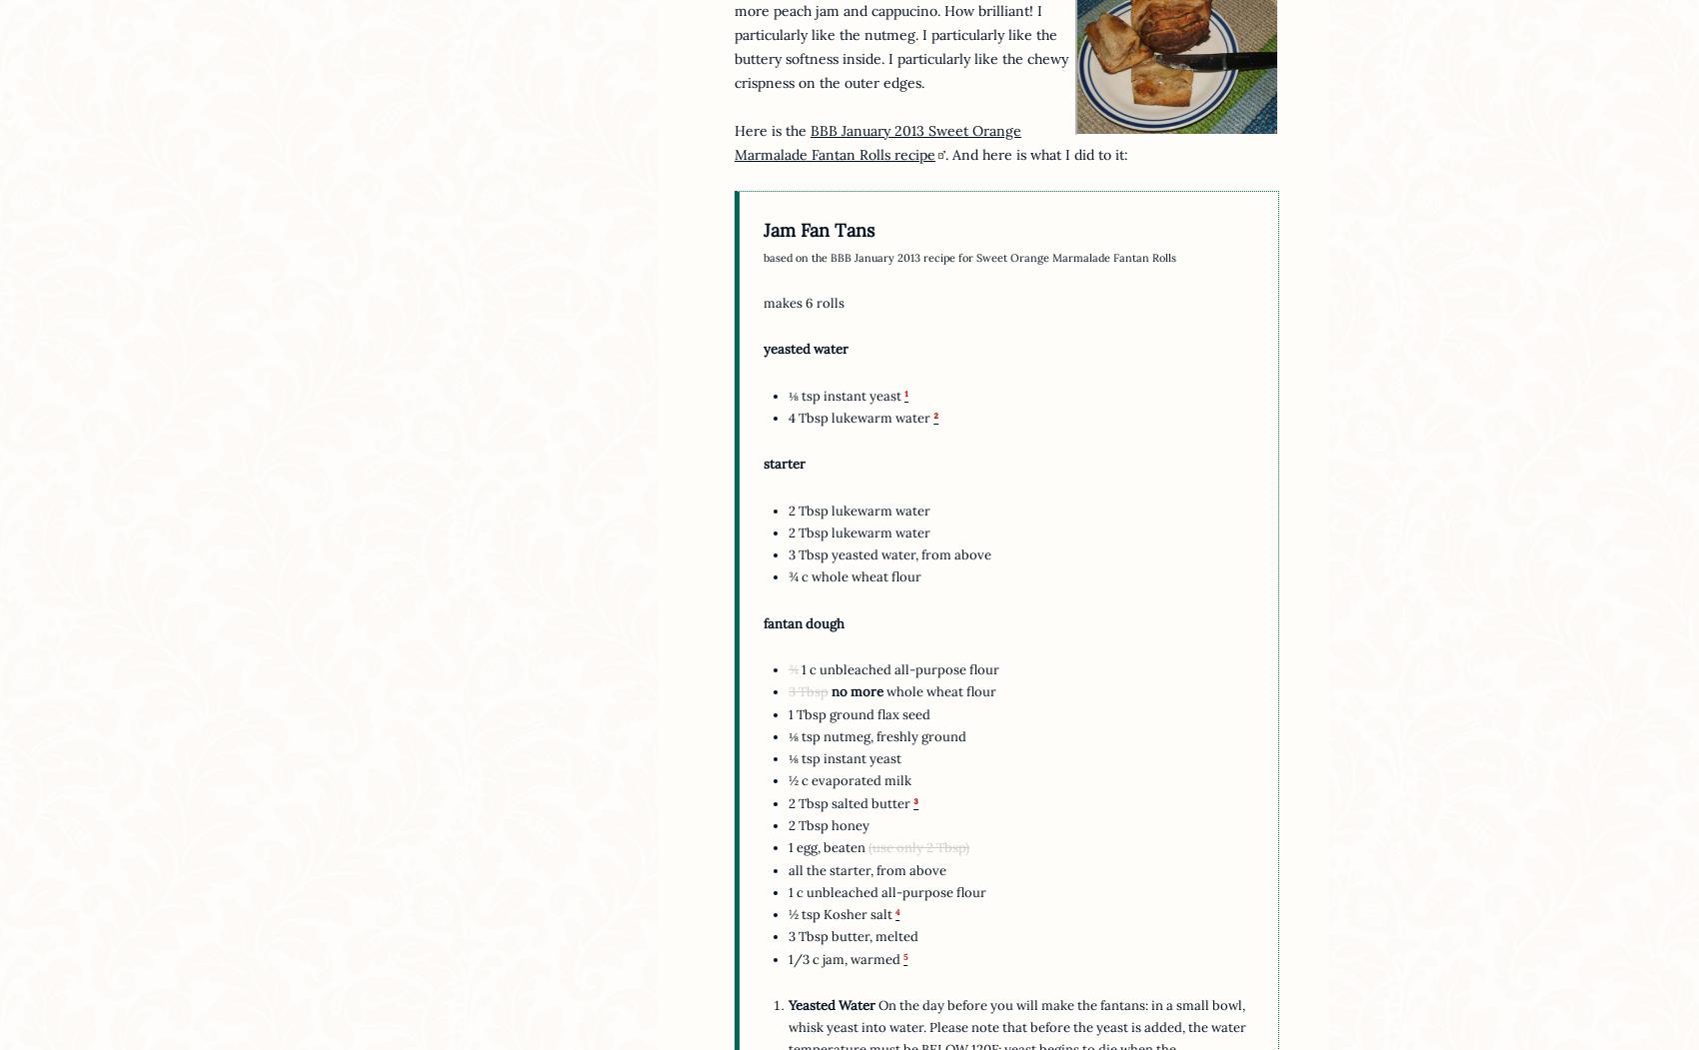  Describe the element at coordinates (845, 957) in the screenshot. I see `'1/3 c jam, warmed'` at that location.